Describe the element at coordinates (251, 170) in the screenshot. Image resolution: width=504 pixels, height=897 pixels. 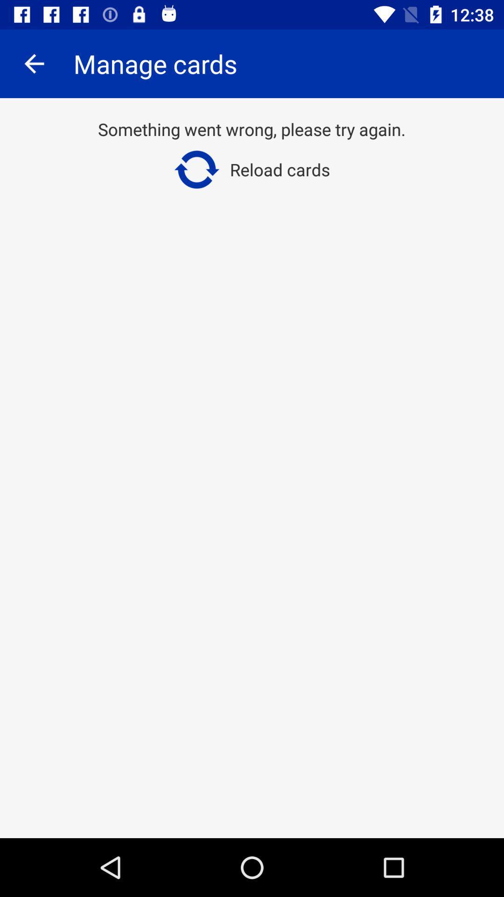
I see `the reload cards` at that location.